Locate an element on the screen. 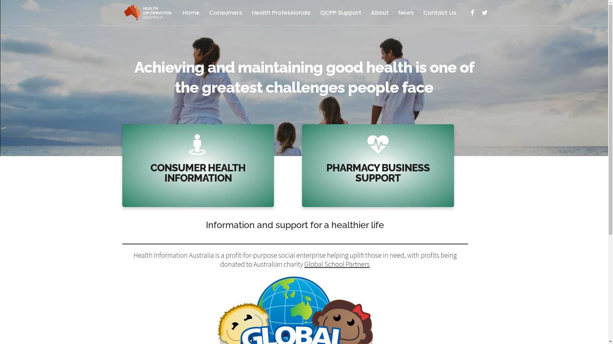 The height and width of the screenshot is (344, 613). 'PHARMACY BUSINESS is located at coordinates (378, 158).